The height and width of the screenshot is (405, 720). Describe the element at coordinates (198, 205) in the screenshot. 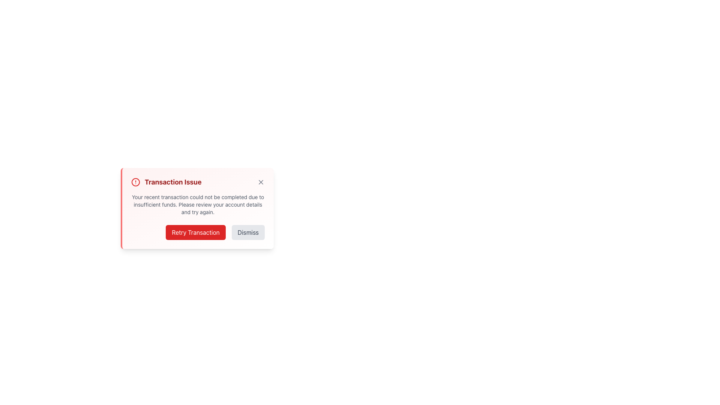

I see `the static text element that informs the user about a specific transaction issue, located within the 'Transaction Issue' notification panel` at that location.